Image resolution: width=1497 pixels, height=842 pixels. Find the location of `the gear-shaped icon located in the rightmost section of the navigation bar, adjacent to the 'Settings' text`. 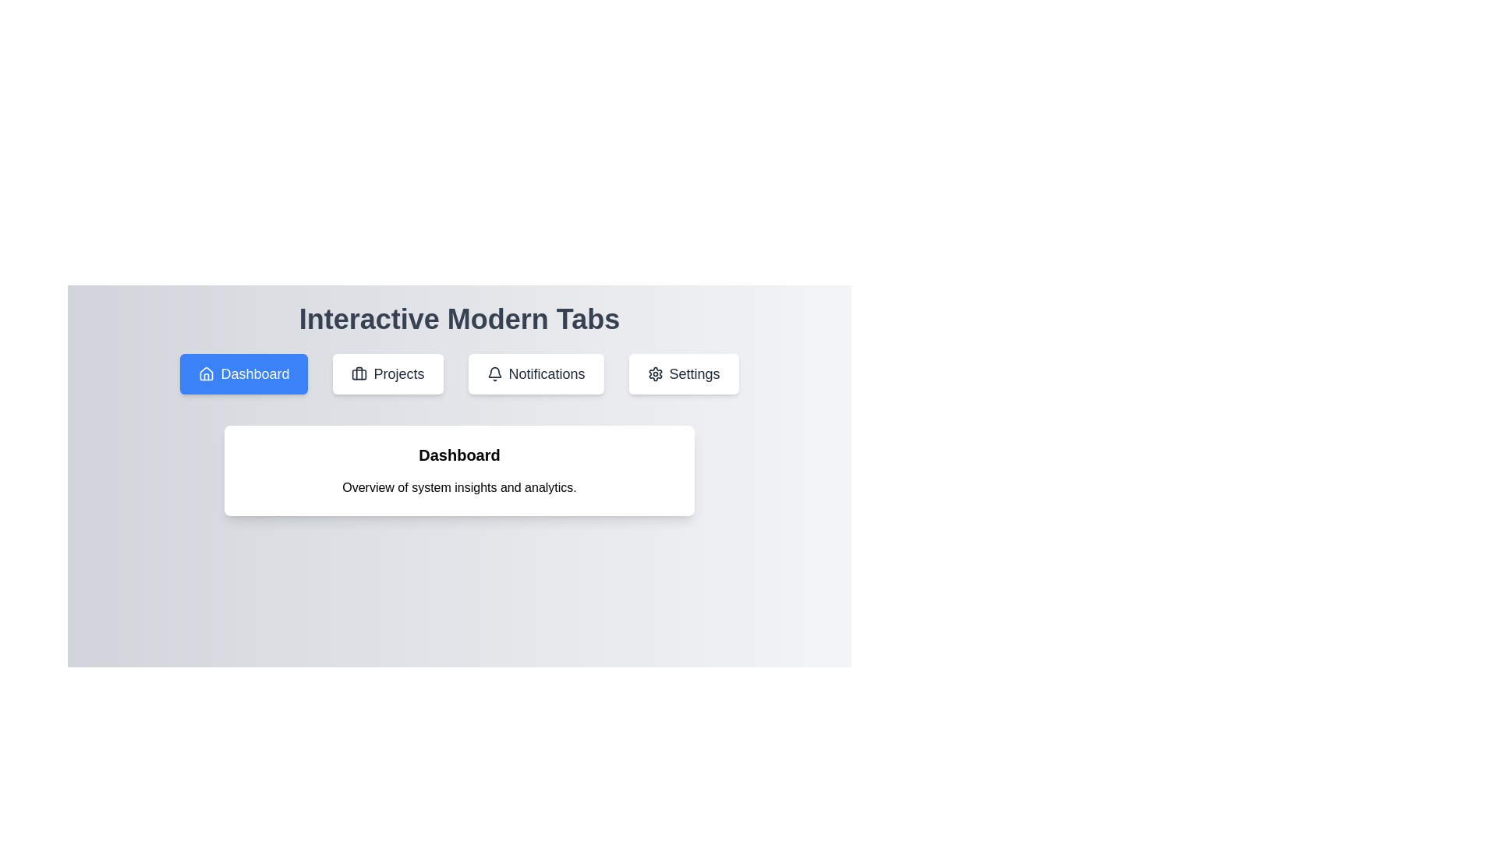

the gear-shaped icon located in the rightmost section of the navigation bar, adjacent to the 'Settings' text is located at coordinates (655, 373).